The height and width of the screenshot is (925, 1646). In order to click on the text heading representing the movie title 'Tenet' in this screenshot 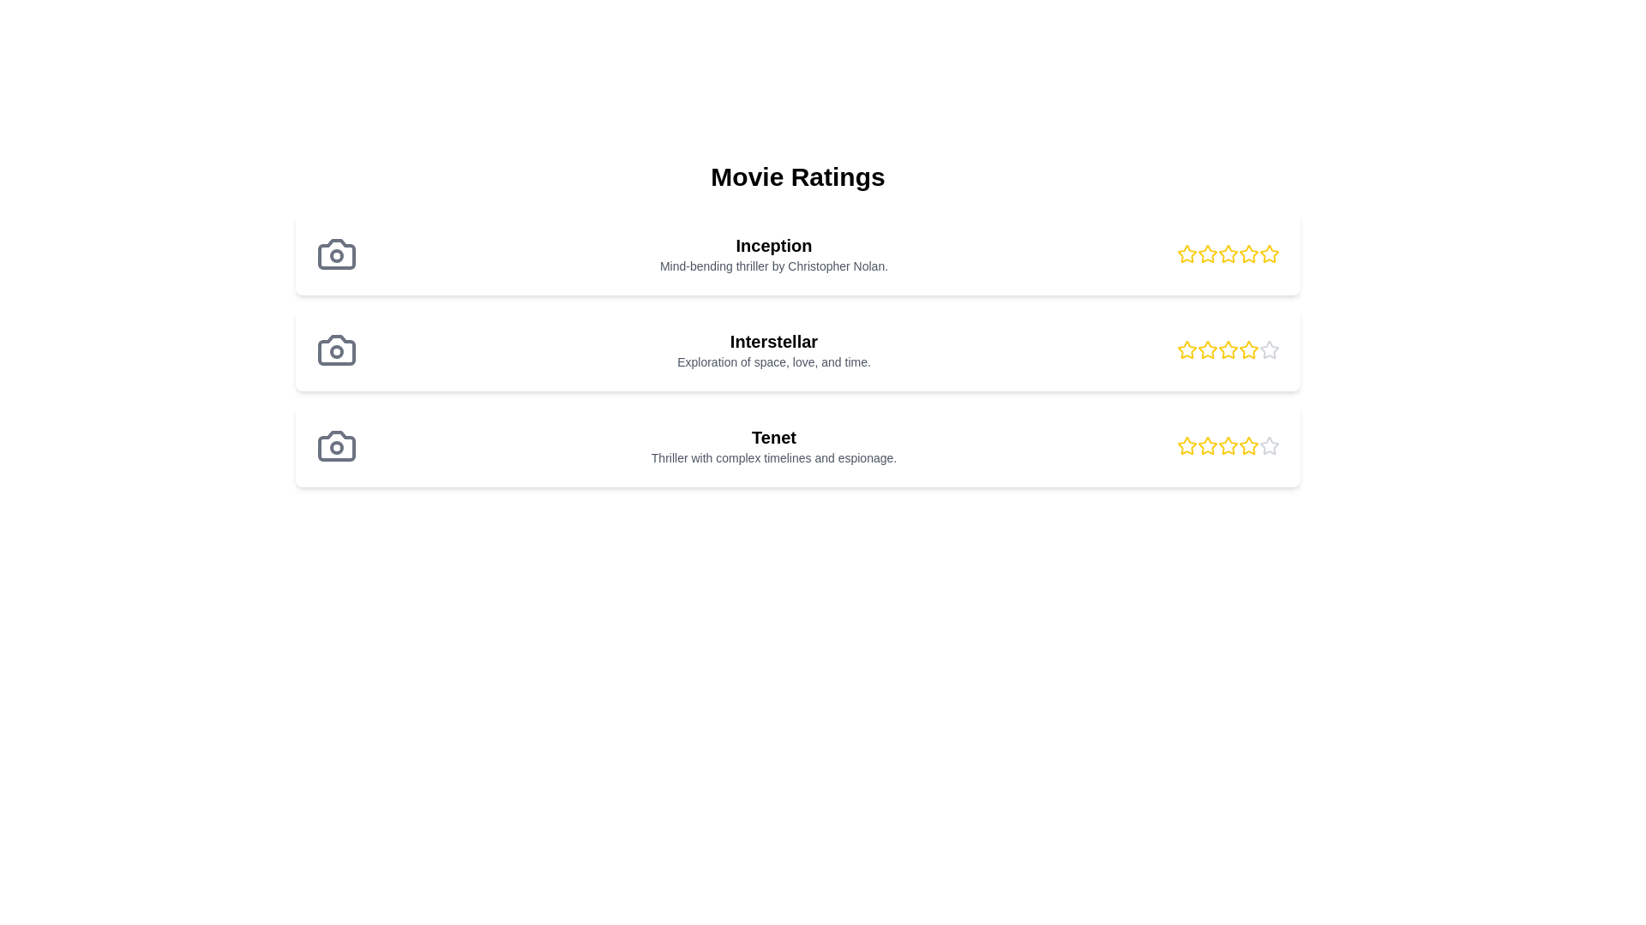, I will do `click(772, 436)`.